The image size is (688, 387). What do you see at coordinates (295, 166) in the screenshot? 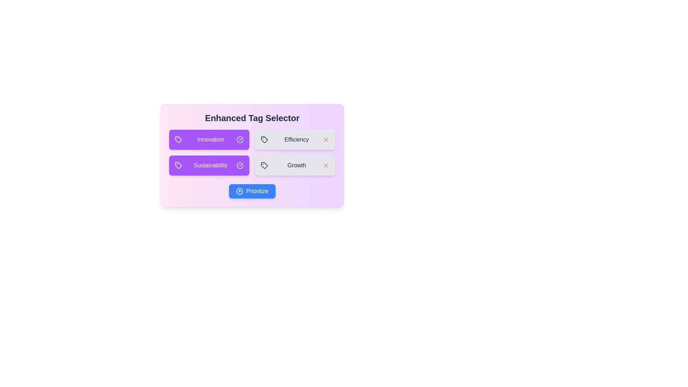
I see `the tag Growth` at bounding box center [295, 166].